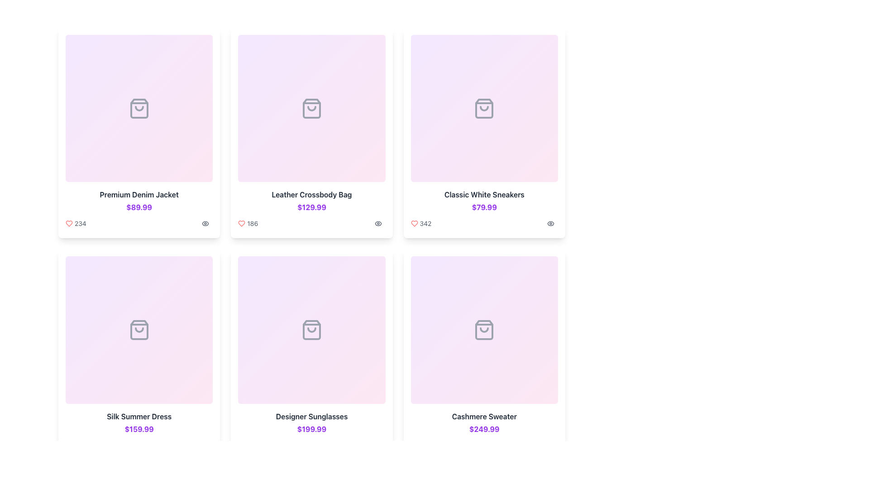  Describe the element at coordinates (425, 224) in the screenshot. I see `the text displaying the number '342' located next to the red heart icon in the second column of the top row of items` at that location.